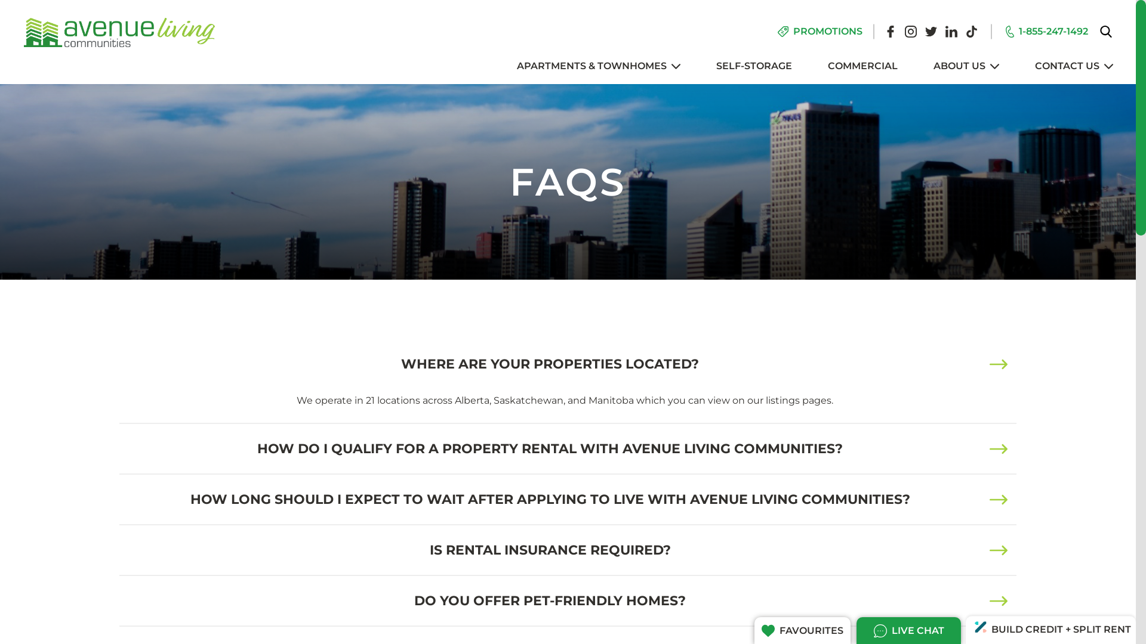 The height and width of the screenshot is (644, 1146). Describe the element at coordinates (862, 66) in the screenshot. I see `'COMMERCIAL'` at that location.